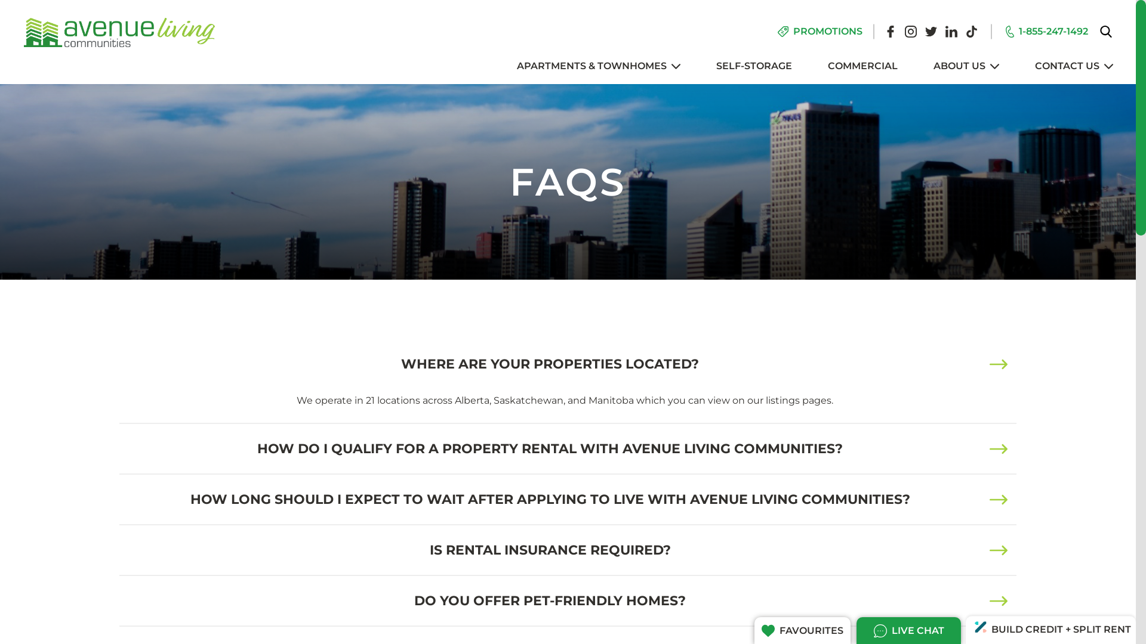 The height and width of the screenshot is (644, 1146). Describe the element at coordinates (862, 66) in the screenshot. I see `'COMMERCIAL'` at that location.